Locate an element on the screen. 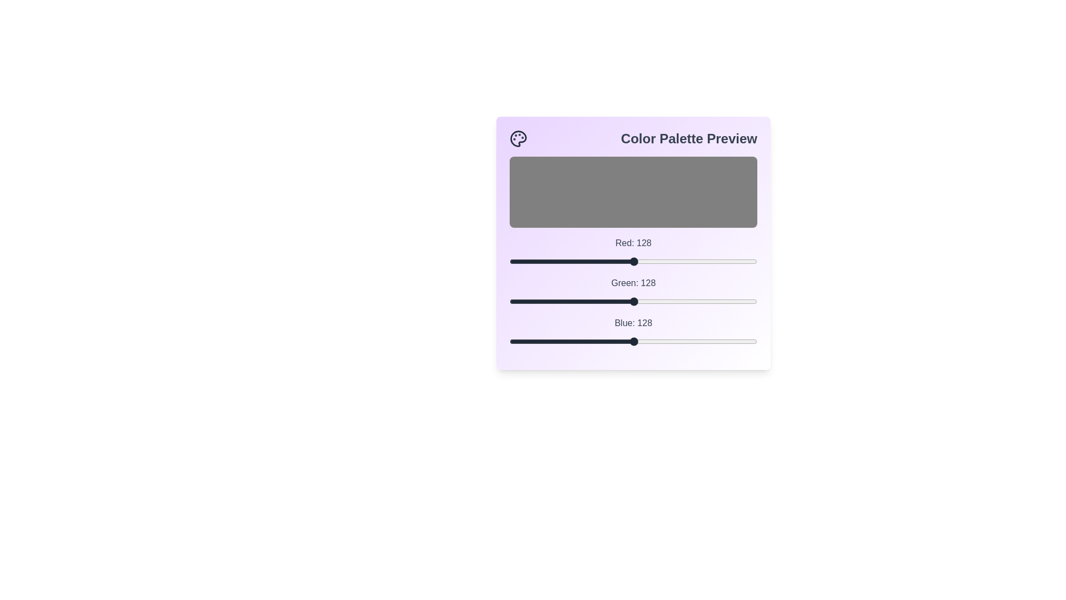 The height and width of the screenshot is (600, 1066). the green color value is located at coordinates (562, 302).